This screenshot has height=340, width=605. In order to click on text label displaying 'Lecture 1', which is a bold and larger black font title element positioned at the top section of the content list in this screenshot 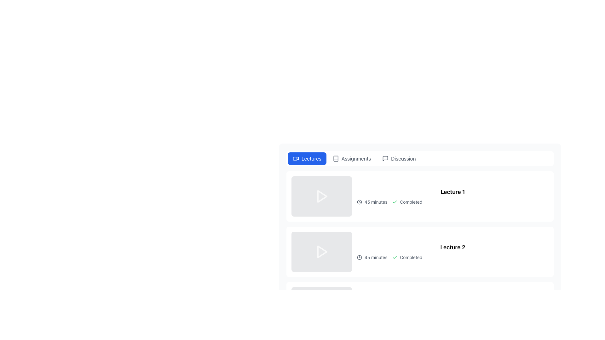, I will do `click(452, 191)`.